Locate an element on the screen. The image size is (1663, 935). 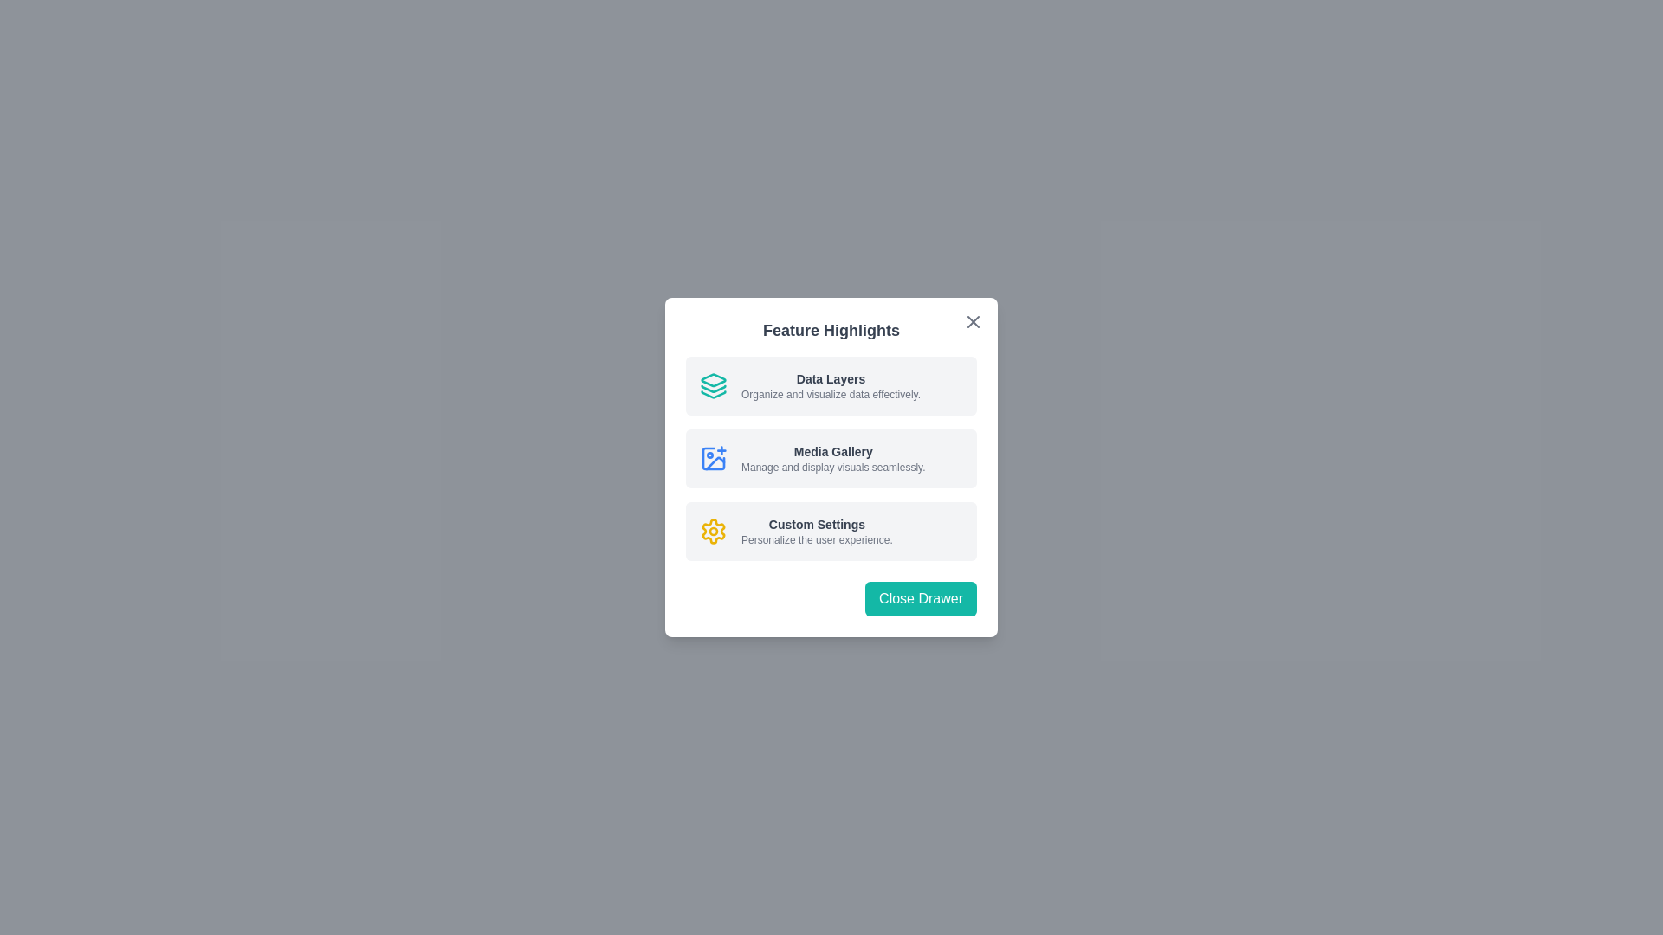
the bottom-most triangular layer of the teal graphical icon situated at the top left of the 'Data Layers' text label in the feature highlight dialog box is located at coordinates (714, 394).